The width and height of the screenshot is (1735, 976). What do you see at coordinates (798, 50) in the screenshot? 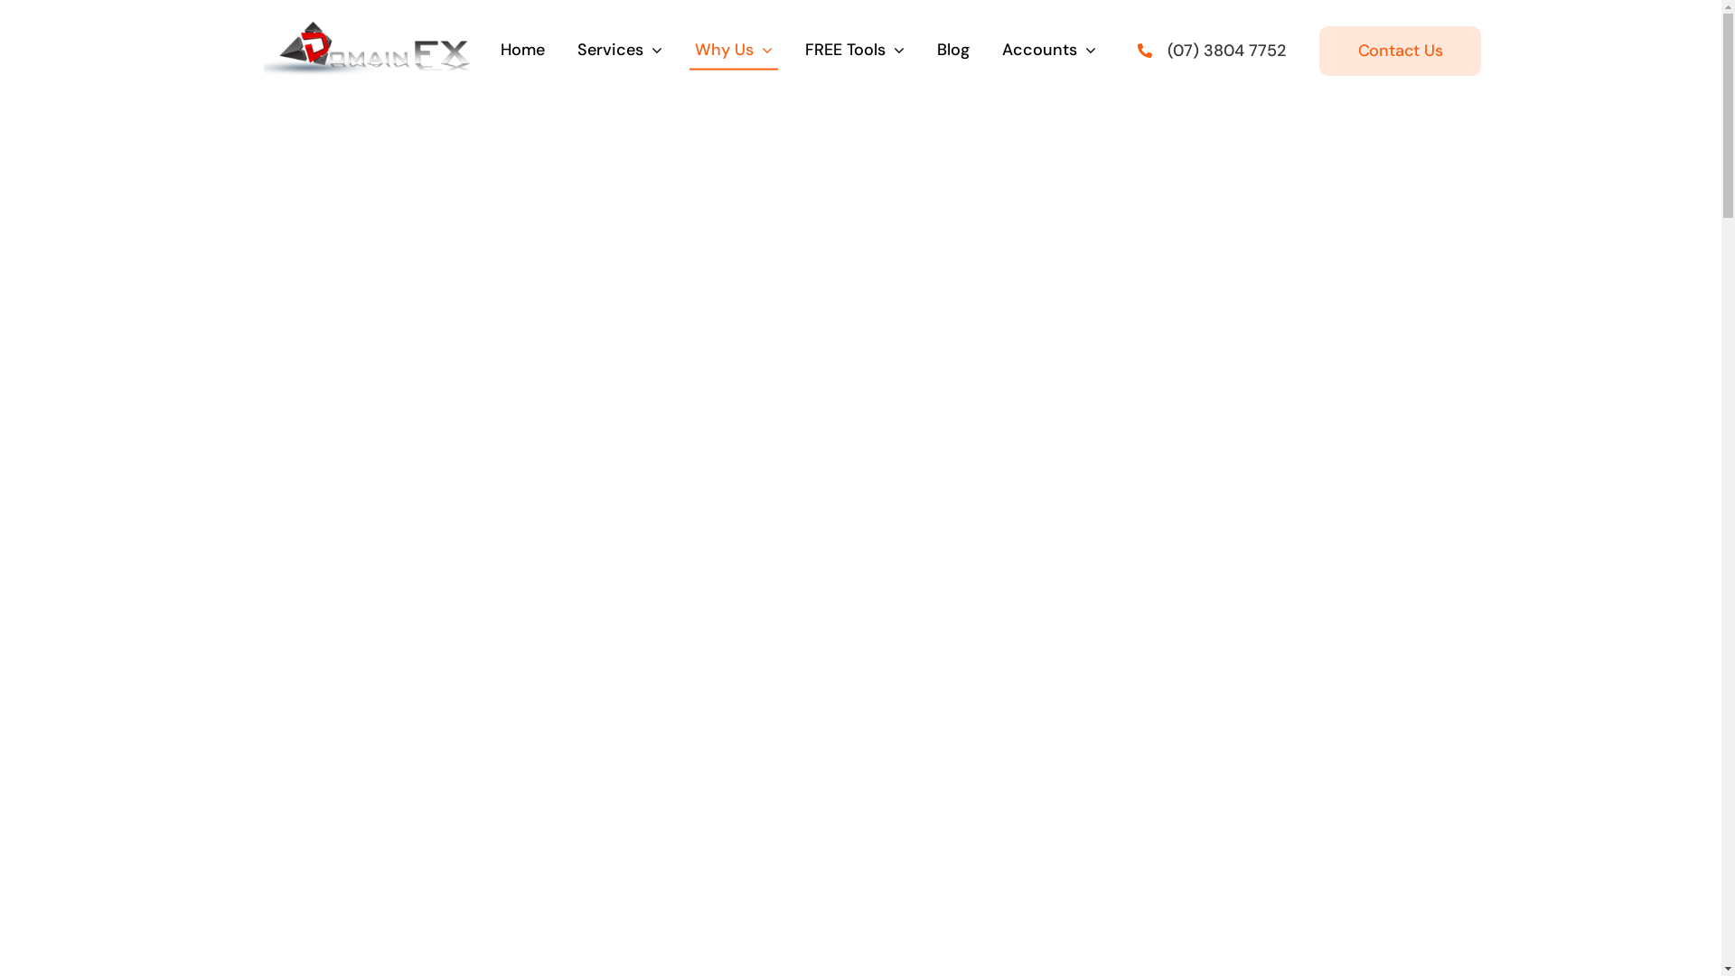
I see `'FREE Tools'` at bounding box center [798, 50].